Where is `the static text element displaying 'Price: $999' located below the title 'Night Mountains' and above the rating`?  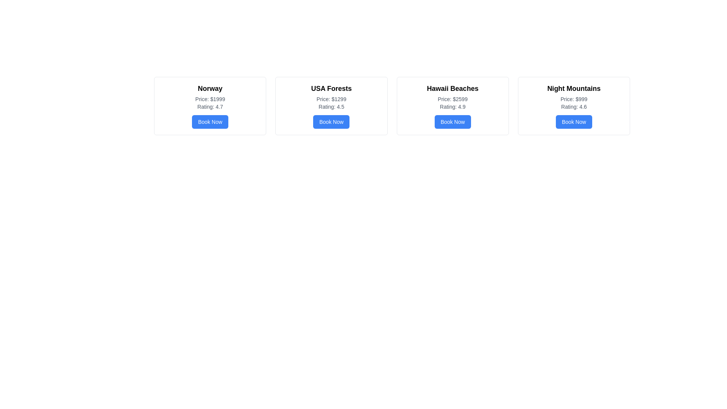 the static text element displaying 'Price: $999' located below the title 'Night Mountains' and above the rating is located at coordinates (574, 99).